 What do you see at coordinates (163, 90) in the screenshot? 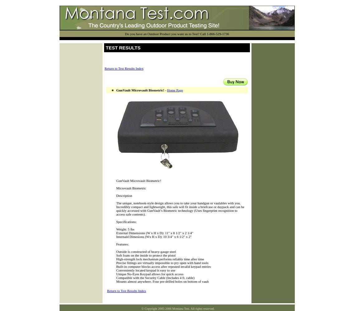
I see `'-'` at bounding box center [163, 90].